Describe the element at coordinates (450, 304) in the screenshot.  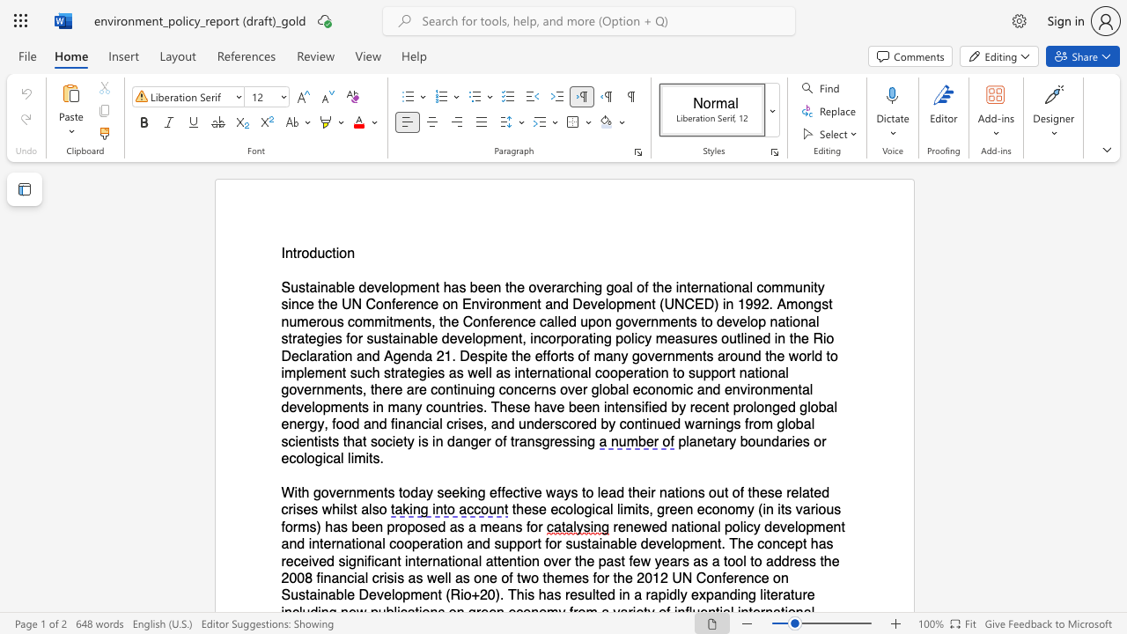
I see `the subset text "n Environment and Development (UNCED) in" within the text "Sustainable development has been the overarching goal of the international community since the UN Conference on Environment and Development (UNCED) in 1992. Amongst"` at that location.